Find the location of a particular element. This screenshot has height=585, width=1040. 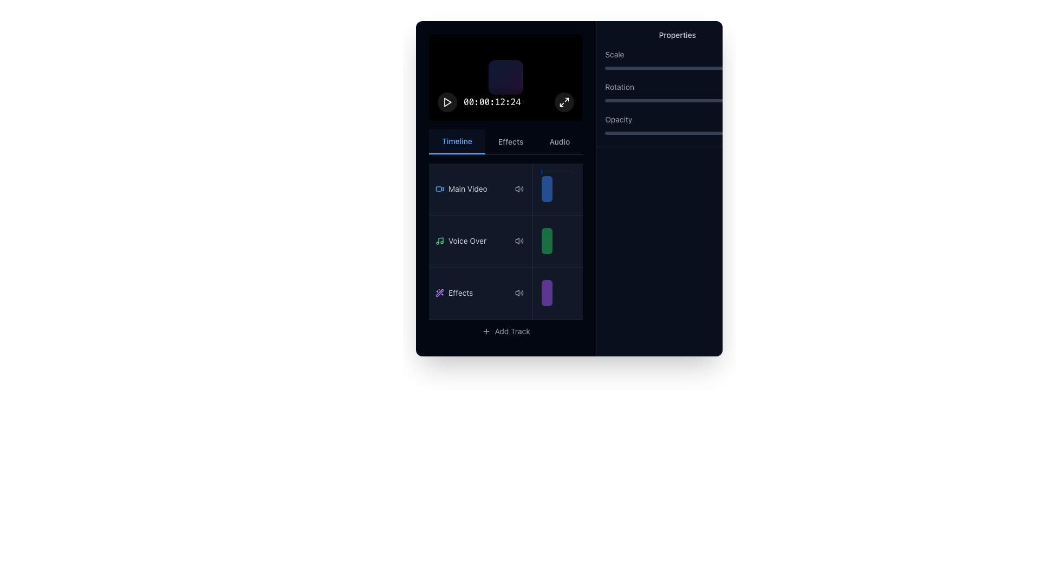

the scale slider is located at coordinates (702, 68).